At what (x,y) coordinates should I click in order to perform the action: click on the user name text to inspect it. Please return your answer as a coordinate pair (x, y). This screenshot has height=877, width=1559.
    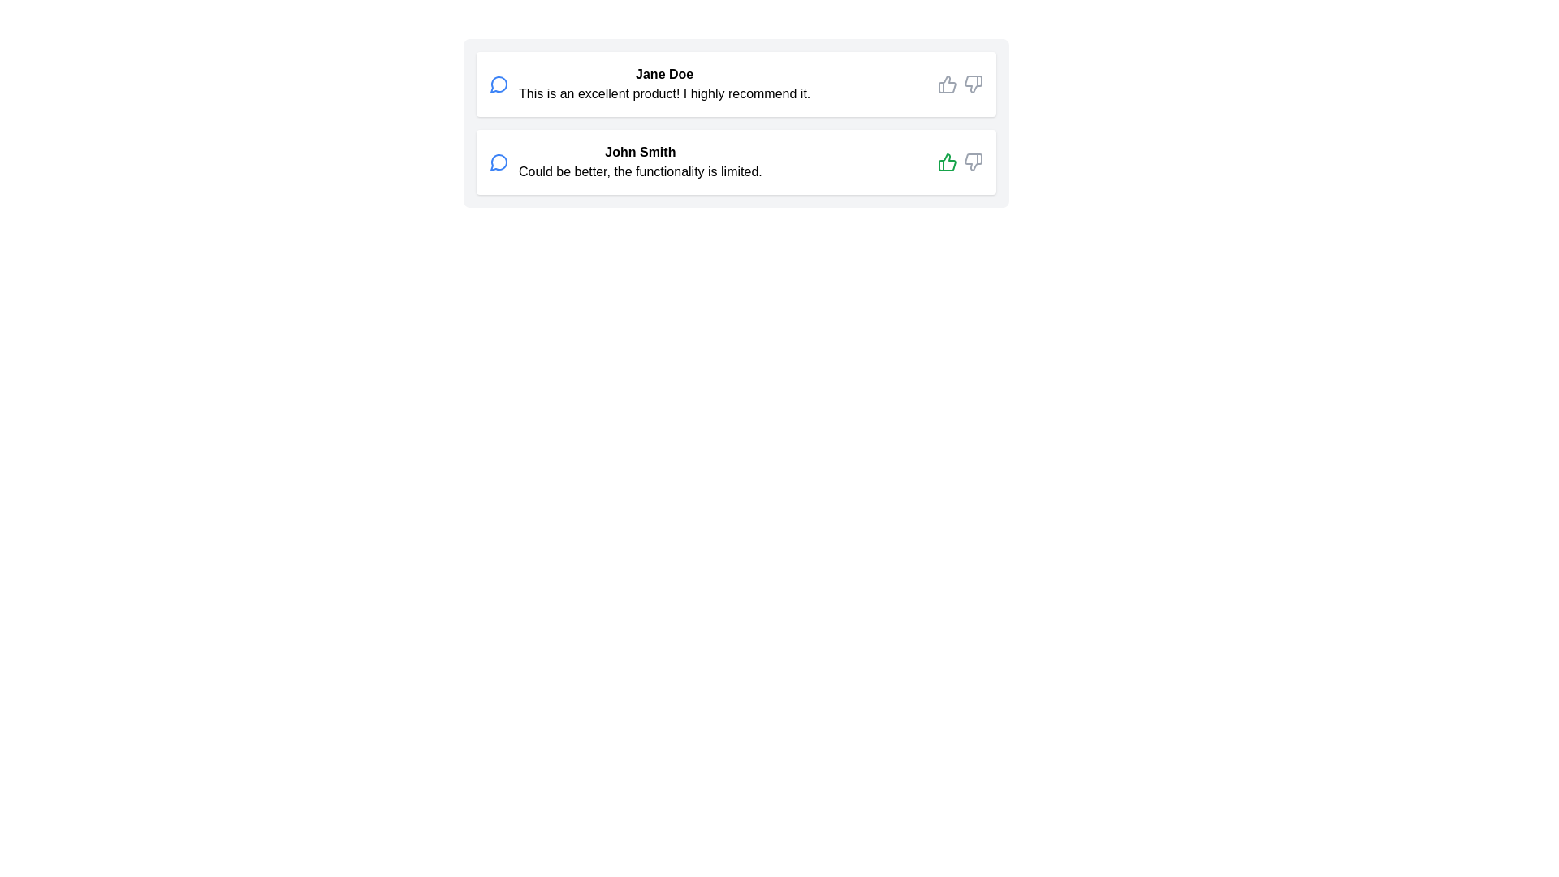
    Looking at the image, I should click on (663, 75).